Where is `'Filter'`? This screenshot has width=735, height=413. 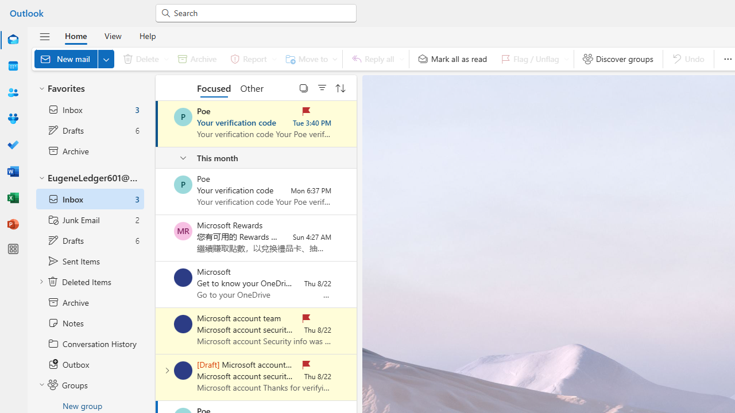
'Filter' is located at coordinates (322, 87).